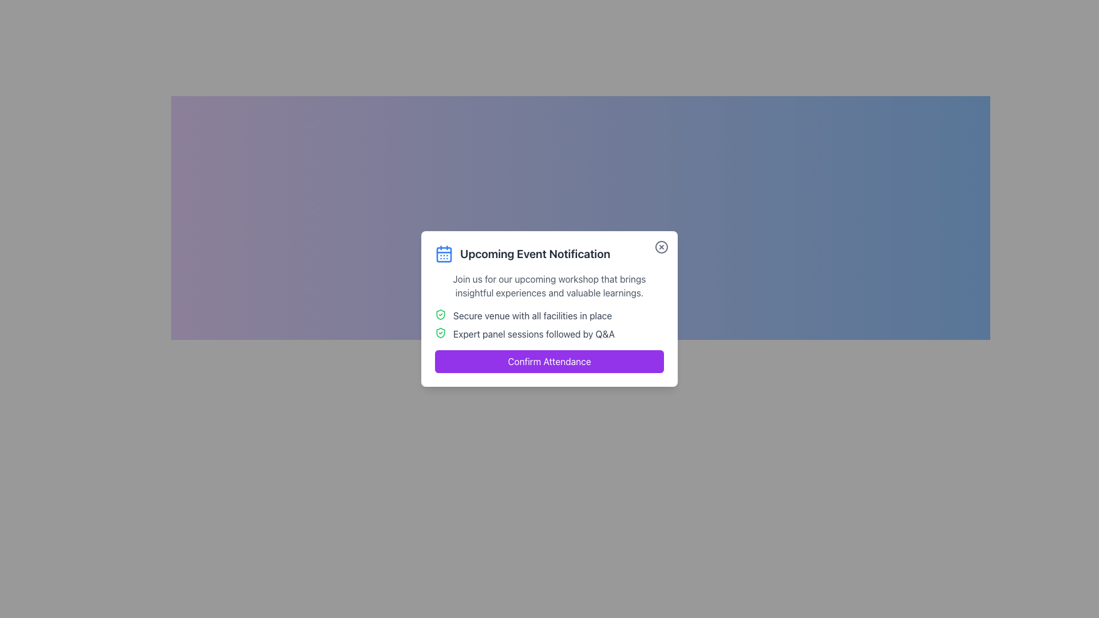 This screenshot has width=1099, height=618. What do you see at coordinates (549, 334) in the screenshot?
I see `the static informational text about the event benefits, which is the second item in a vertical list within the notification card, located below the text 'Secure venue with all facilities in place' and above the confirmation button` at bounding box center [549, 334].